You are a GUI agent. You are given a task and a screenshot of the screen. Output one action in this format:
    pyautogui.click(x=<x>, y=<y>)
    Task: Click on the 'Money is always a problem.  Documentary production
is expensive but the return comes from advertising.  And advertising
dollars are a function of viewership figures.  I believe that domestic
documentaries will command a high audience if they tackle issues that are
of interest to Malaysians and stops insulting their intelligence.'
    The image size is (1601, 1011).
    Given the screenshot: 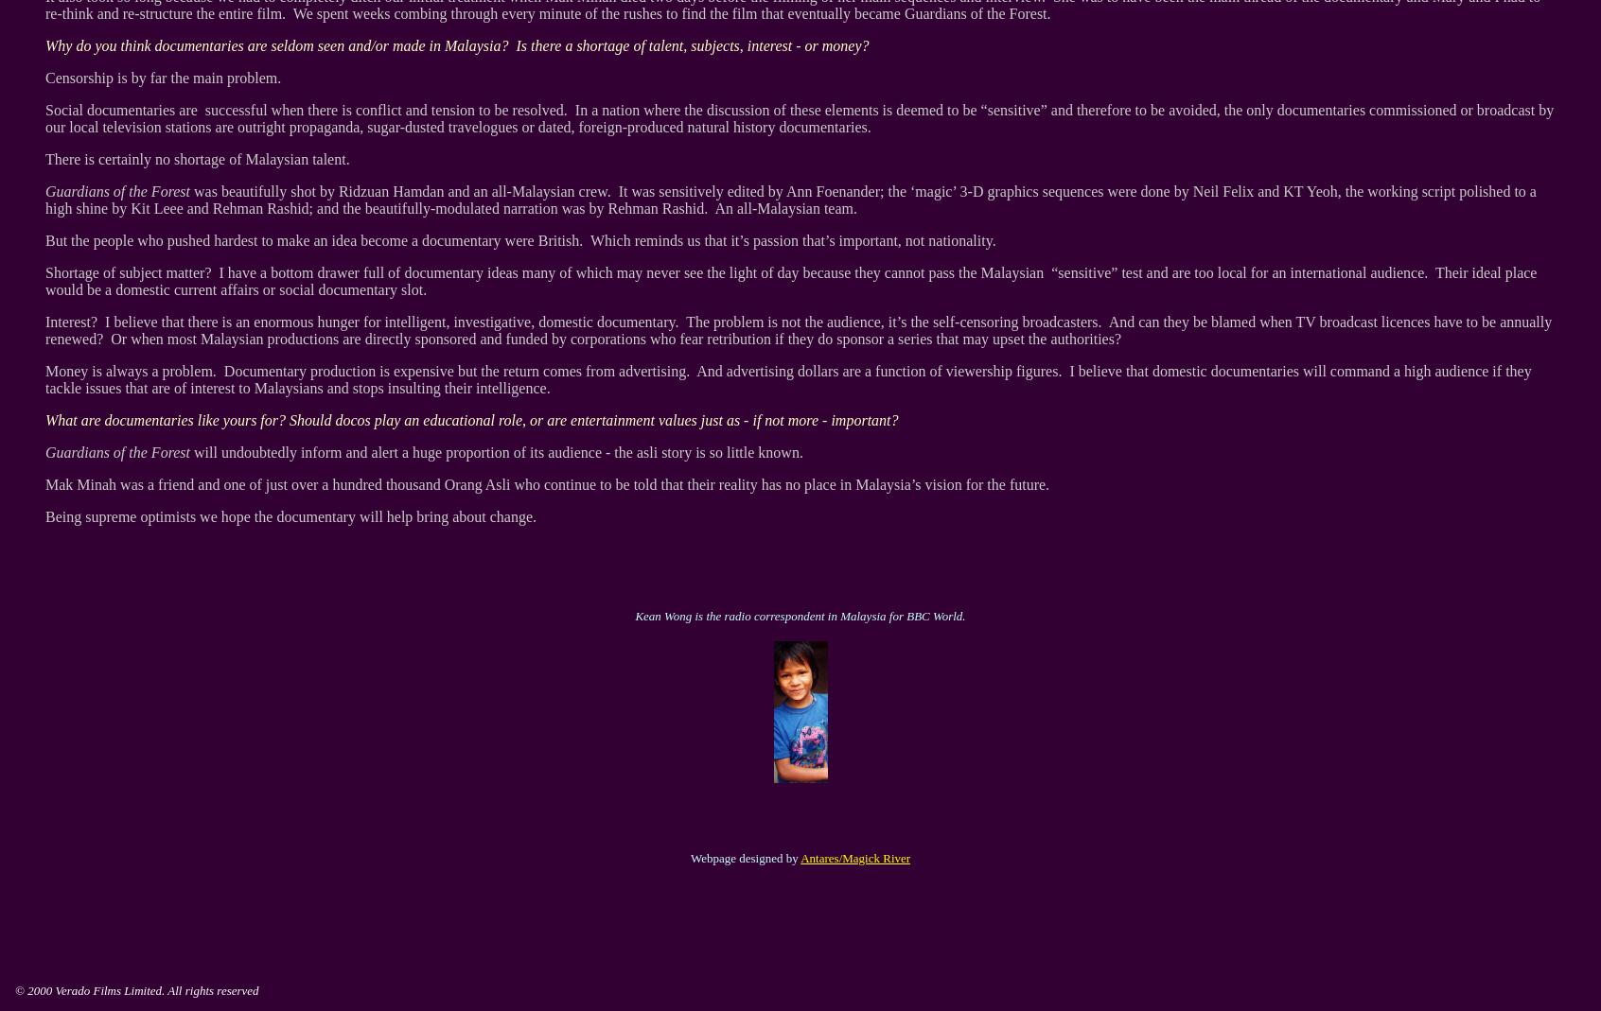 What is the action you would take?
    pyautogui.click(x=44, y=379)
    